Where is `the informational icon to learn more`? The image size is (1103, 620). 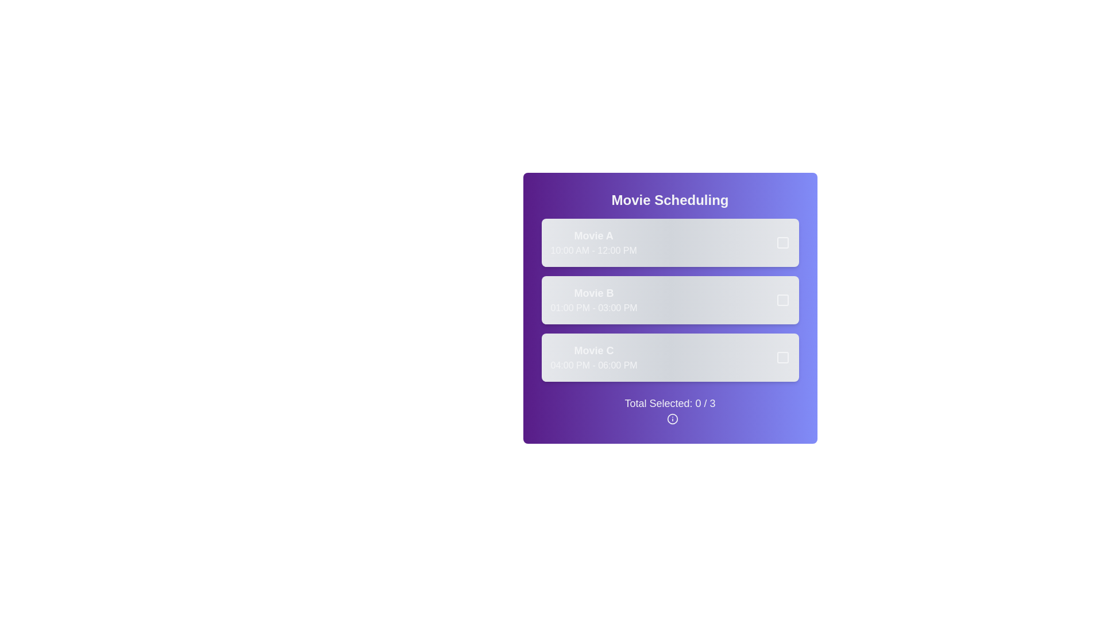 the informational icon to learn more is located at coordinates (672, 418).